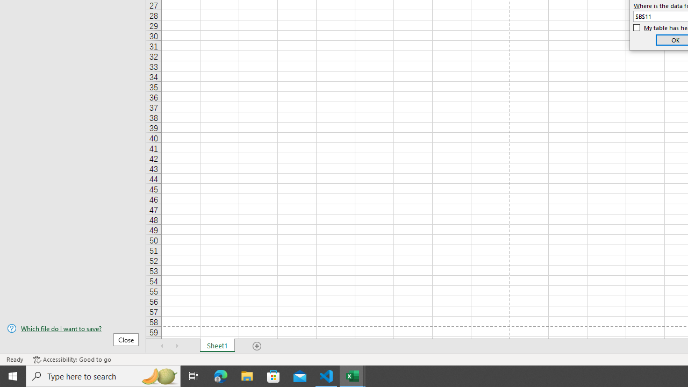 The height and width of the screenshot is (387, 688). I want to click on 'Scroll Right', so click(177, 346).